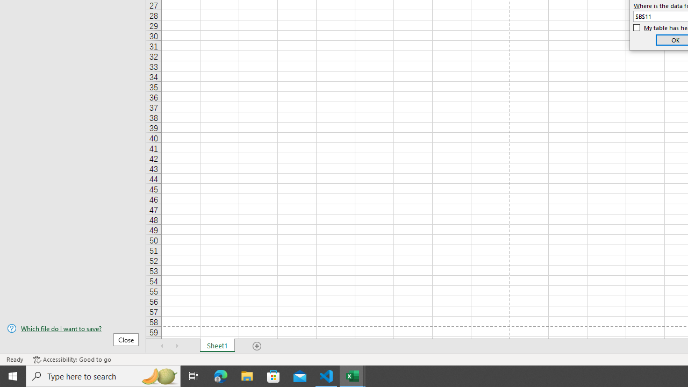 The height and width of the screenshot is (387, 688). I want to click on 'Scroll Right', so click(177, 346).